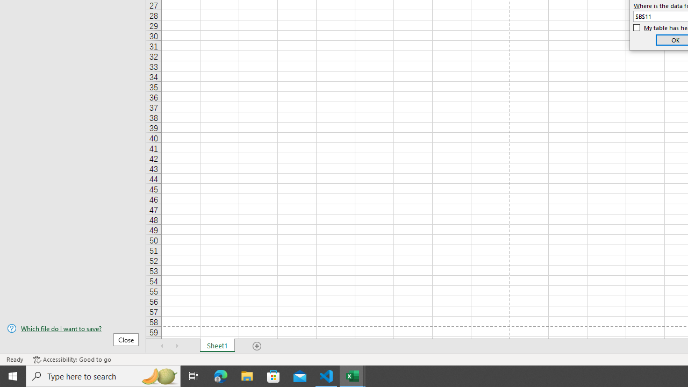 The height and width of the screenshot is (387, 688). I want to click on 'Scroll Right', so click(177, 346).